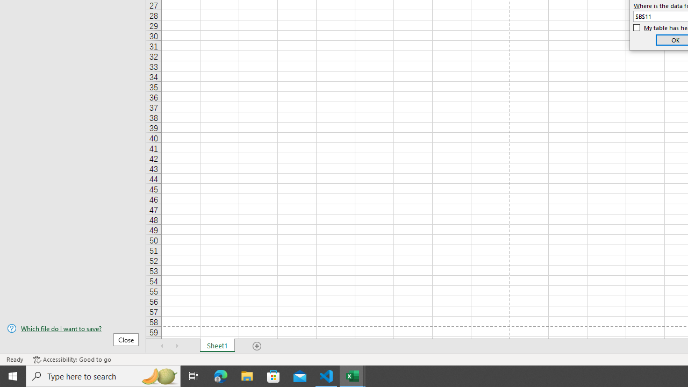 The height and width of the screenshot is (387, 688). I want to click on 'Scroll Right', so click(177, 346).